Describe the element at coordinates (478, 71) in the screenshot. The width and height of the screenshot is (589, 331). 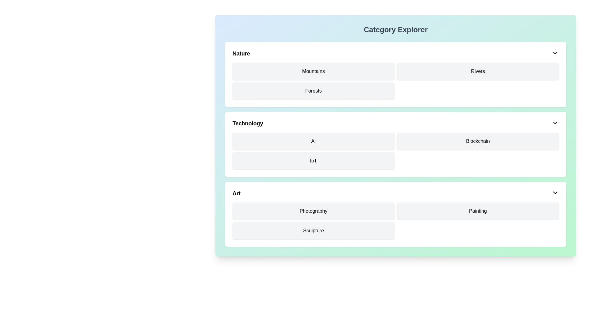
I see `the text label displaying 'Rivers', which is styled with bold font and centered alignment, located in the top-right corner of the Nature section in a grid layout` at that location.